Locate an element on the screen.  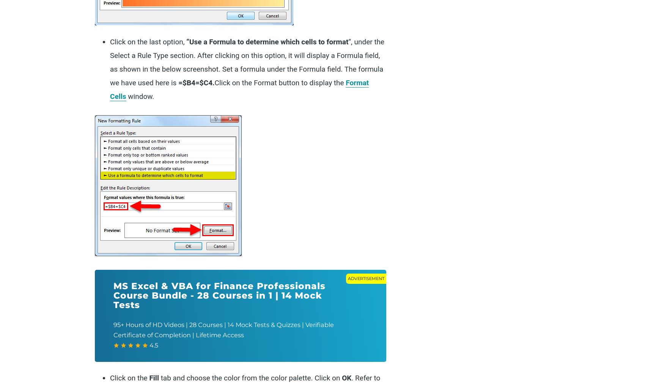
'window.' is located at coordinates (126, 96).